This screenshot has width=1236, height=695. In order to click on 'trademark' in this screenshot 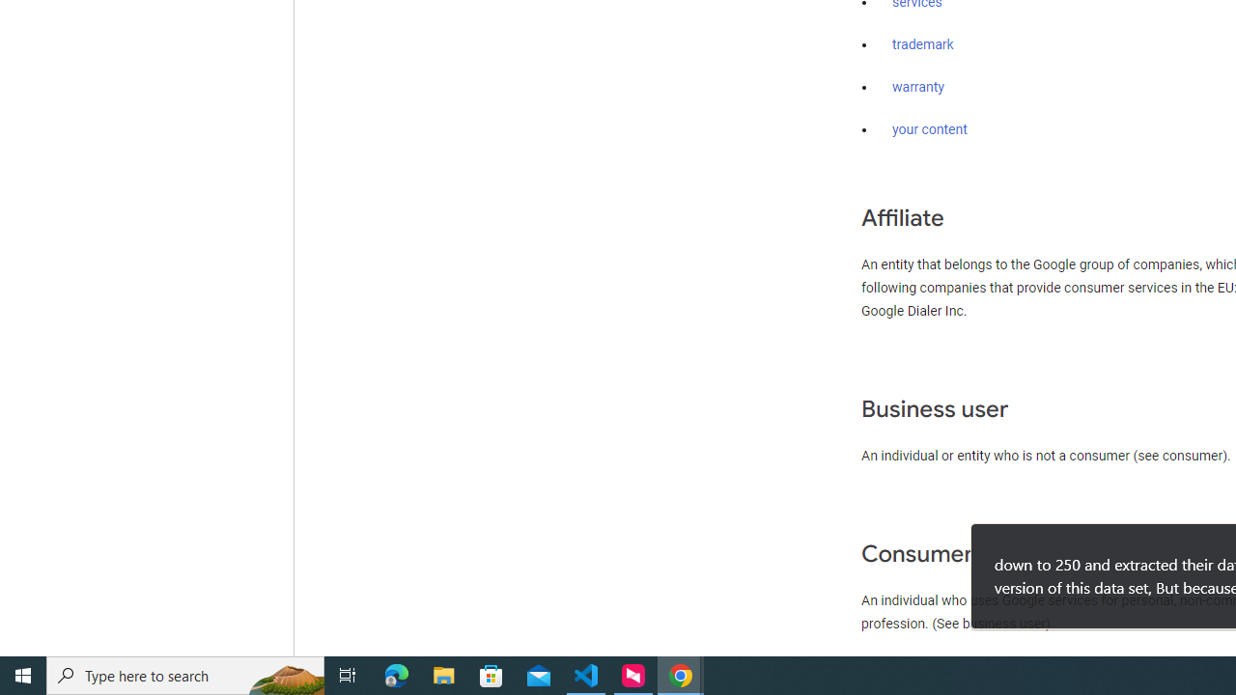, I will do `click(922, 44)`.